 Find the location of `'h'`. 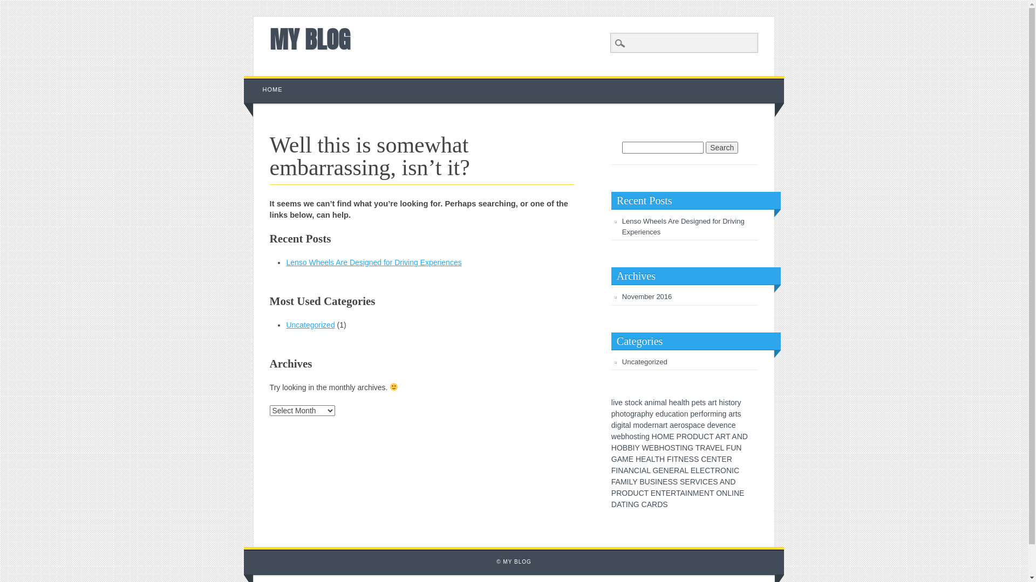

'h' is located at coordinates (616, 413).